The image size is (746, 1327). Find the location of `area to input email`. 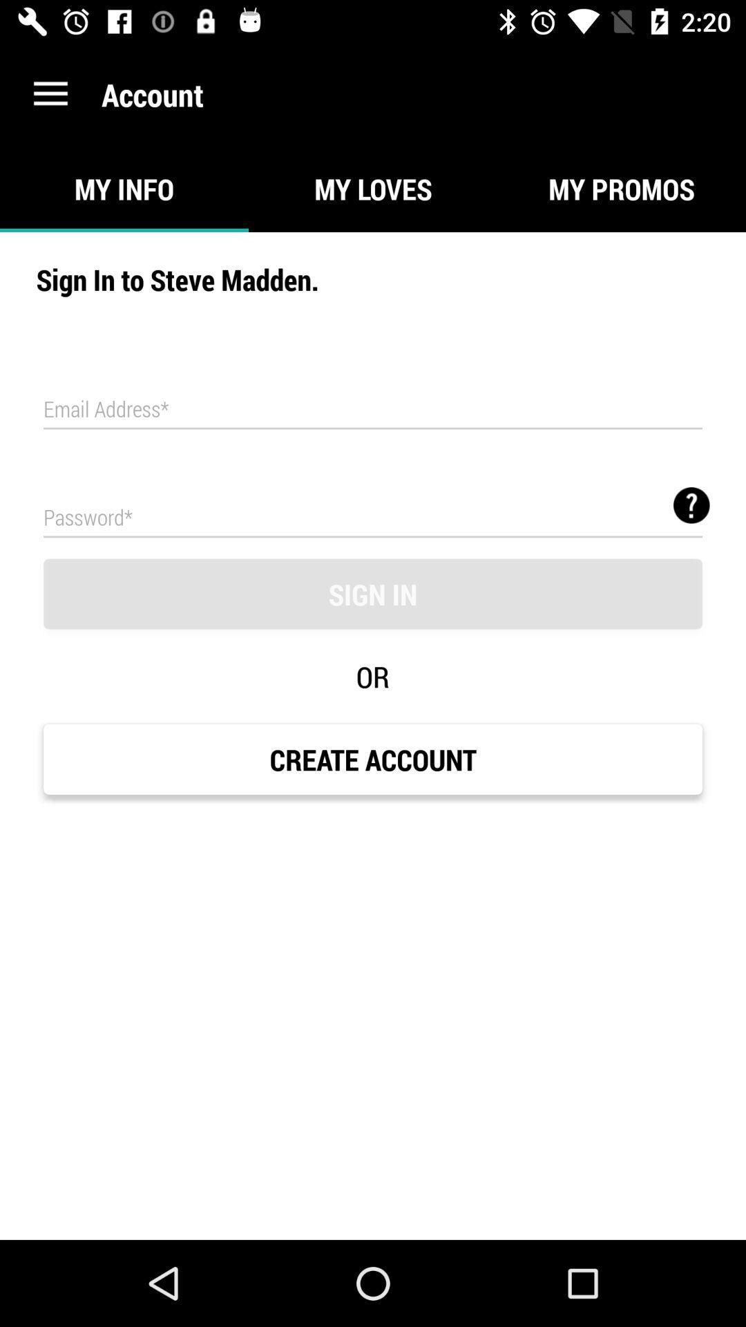

area to input email is located at coordinates (373, 409).